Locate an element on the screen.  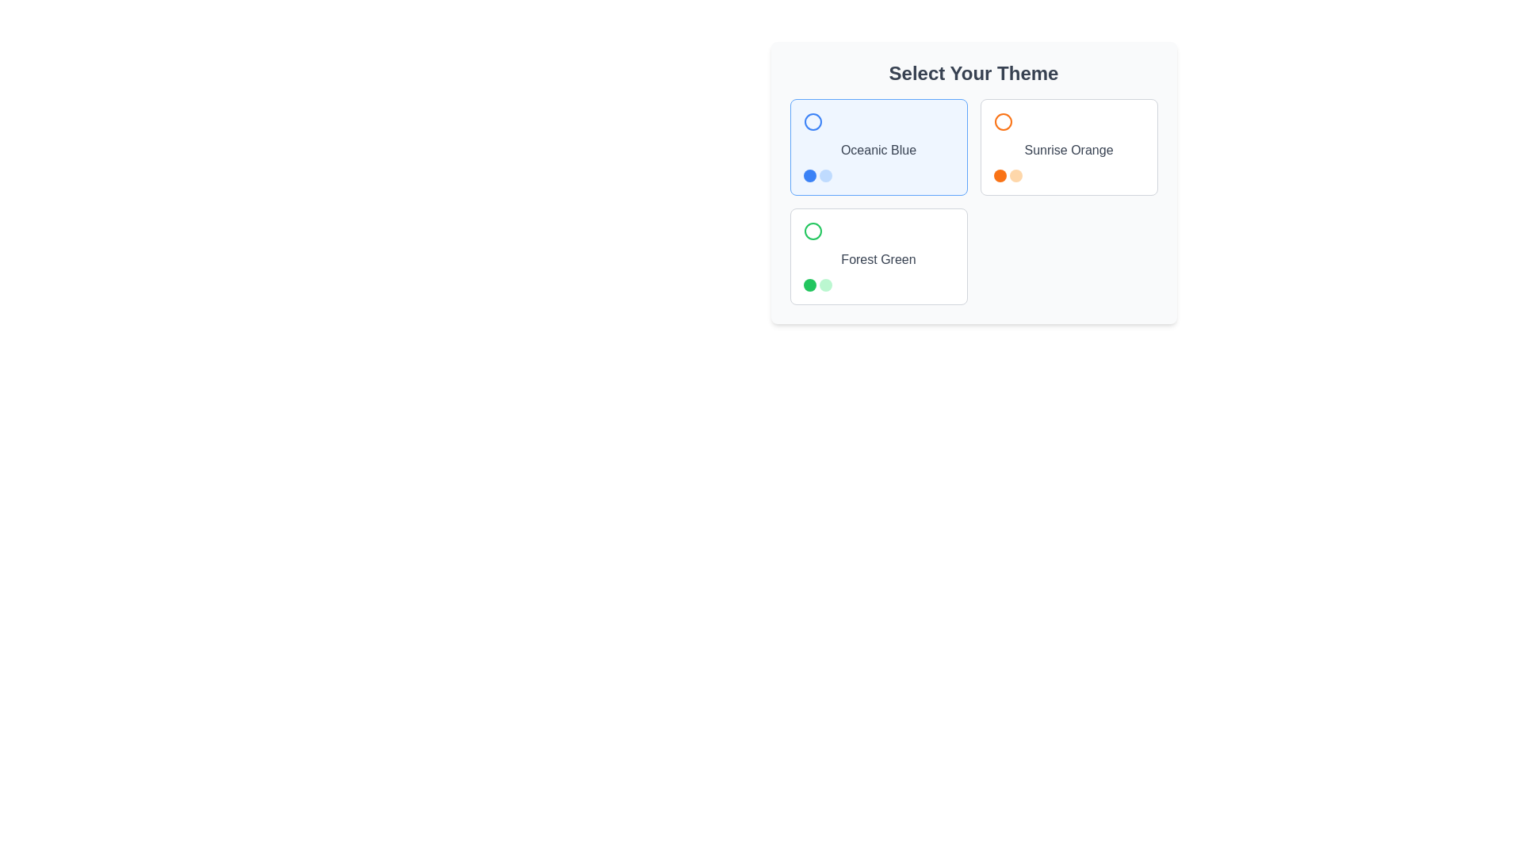
the blue circular shape in the 'Oceanic Blue' theme selection card, located above the text 'Oceanic Blue' is located at coordinates (813, 121).